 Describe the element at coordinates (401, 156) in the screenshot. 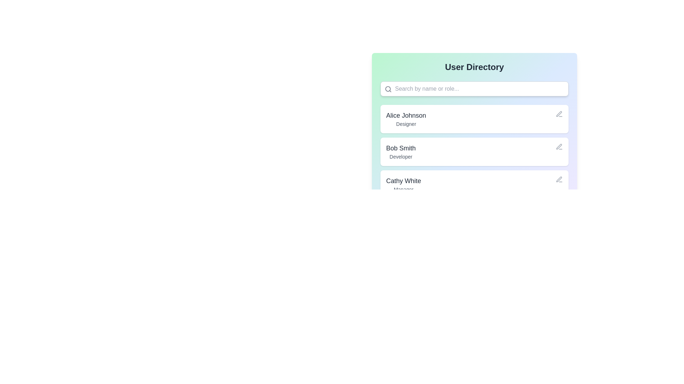

I see `the Static text label displaying 'Developer', which is located beneath the 'Bob Smith' text in the User Directory layout` at that location.